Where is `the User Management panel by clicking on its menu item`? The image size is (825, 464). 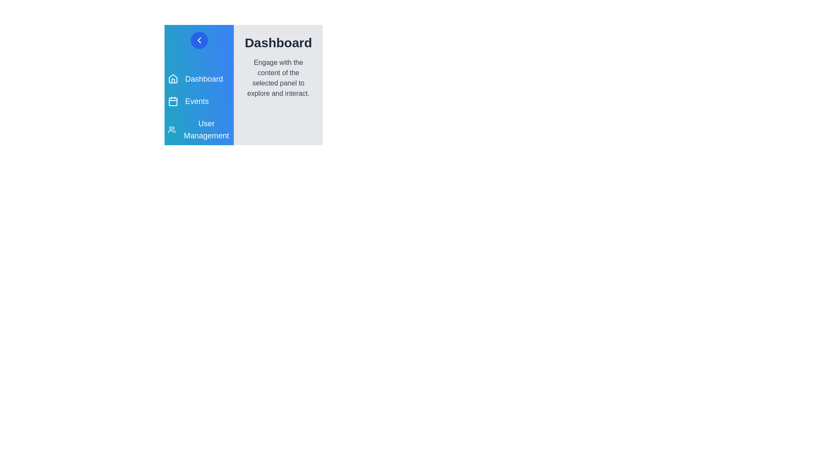 the User Management panel by clicking on its menu item is located at coordinates (199, 129).